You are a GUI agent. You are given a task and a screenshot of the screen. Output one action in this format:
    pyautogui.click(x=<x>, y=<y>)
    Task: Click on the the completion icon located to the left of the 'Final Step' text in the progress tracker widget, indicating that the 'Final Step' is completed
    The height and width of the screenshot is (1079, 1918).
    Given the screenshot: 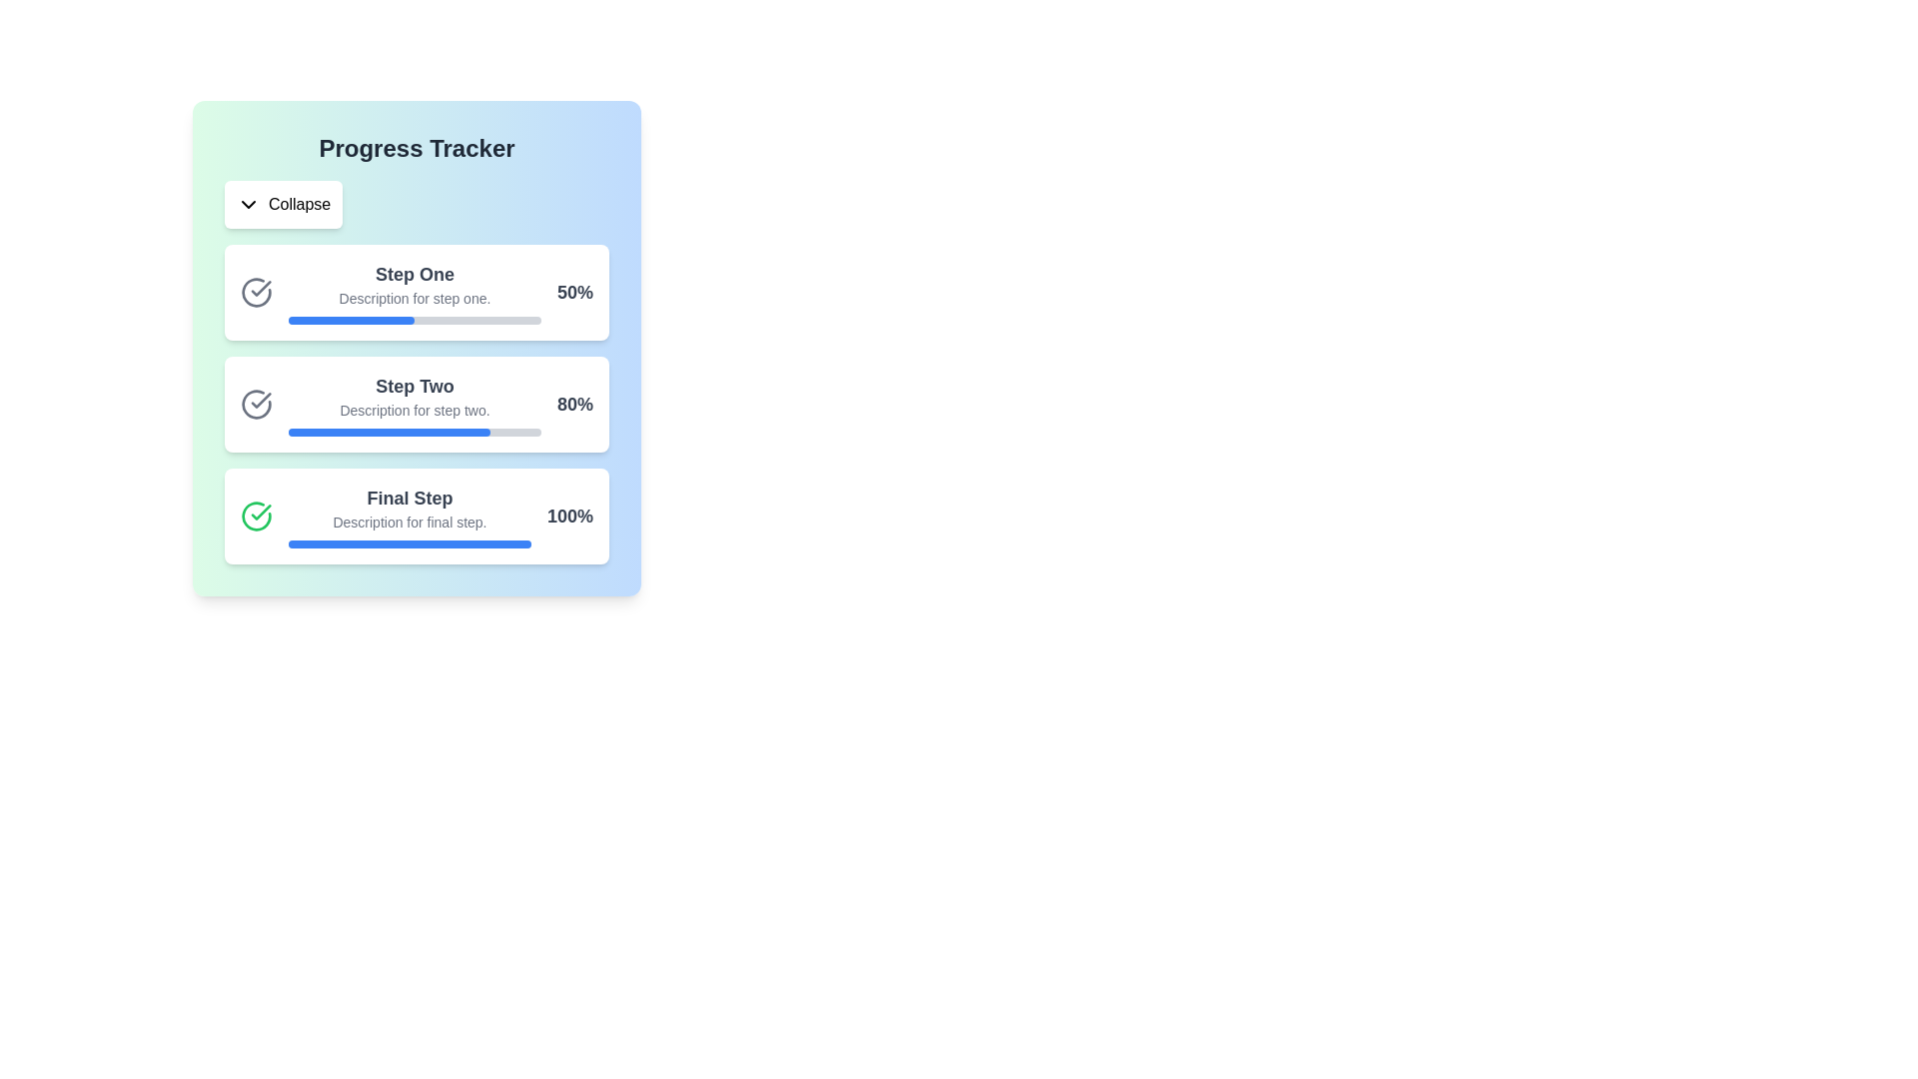 What is the action you would take?
    pyautogui.click(x=256, y=515)
    